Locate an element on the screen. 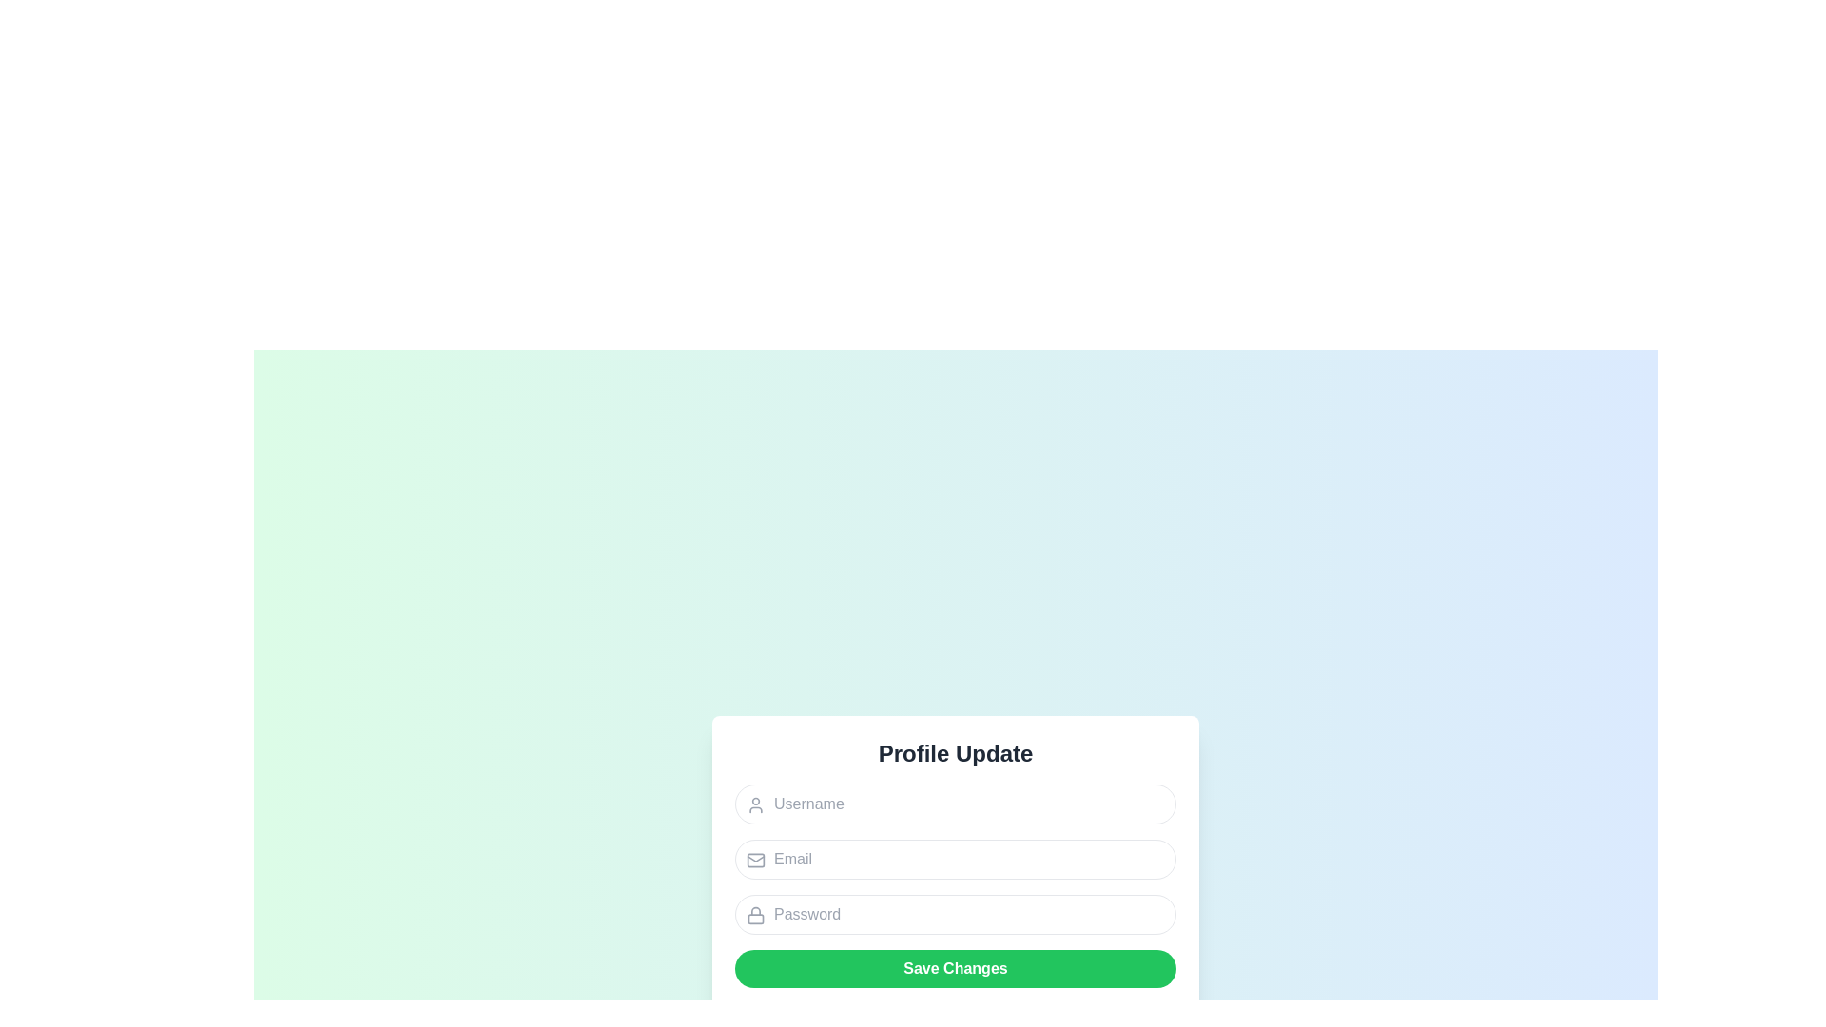 Image resolution: width=1826 pixels, height=1027 pixels. the password input box, which is the third input element in the form, securely allowing the user to input their password is located at coordinates (955, 913).